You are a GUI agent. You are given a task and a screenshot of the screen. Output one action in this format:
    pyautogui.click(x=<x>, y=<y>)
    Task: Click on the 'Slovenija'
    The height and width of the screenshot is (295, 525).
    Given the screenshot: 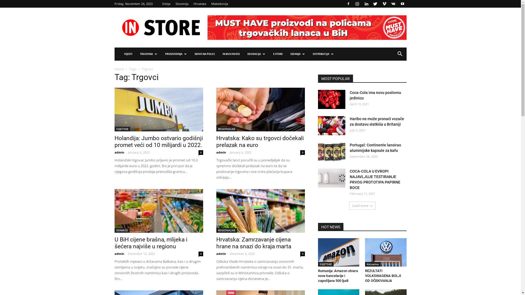 What is the action you would take?
    pyautogui.click(x=182, y=4)
    